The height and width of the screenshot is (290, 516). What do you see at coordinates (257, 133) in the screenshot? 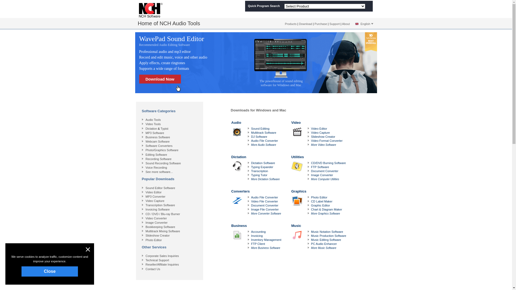
I see `'Audio'` at bounding box center [257, 133].